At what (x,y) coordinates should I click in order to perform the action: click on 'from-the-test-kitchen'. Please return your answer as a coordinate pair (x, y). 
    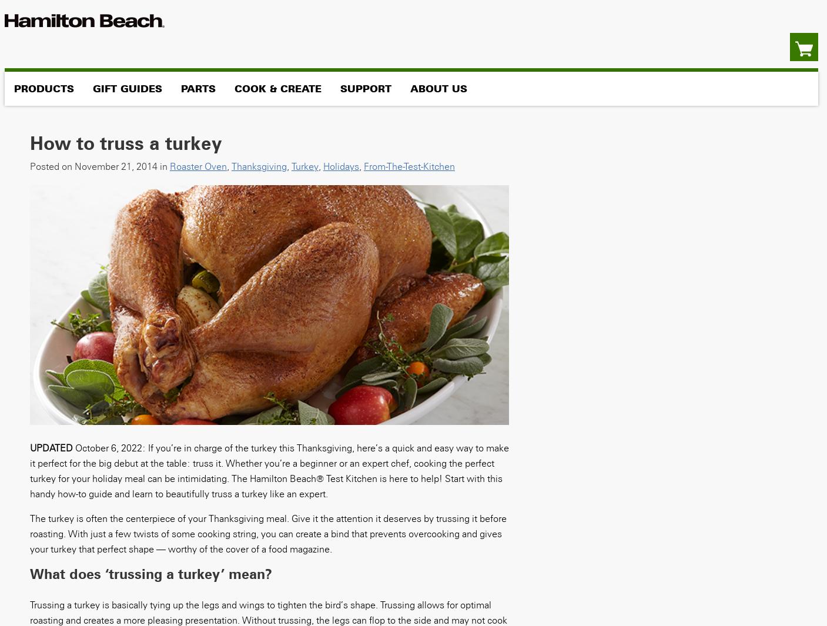
    Looking at the image, I should click on (408, 165).